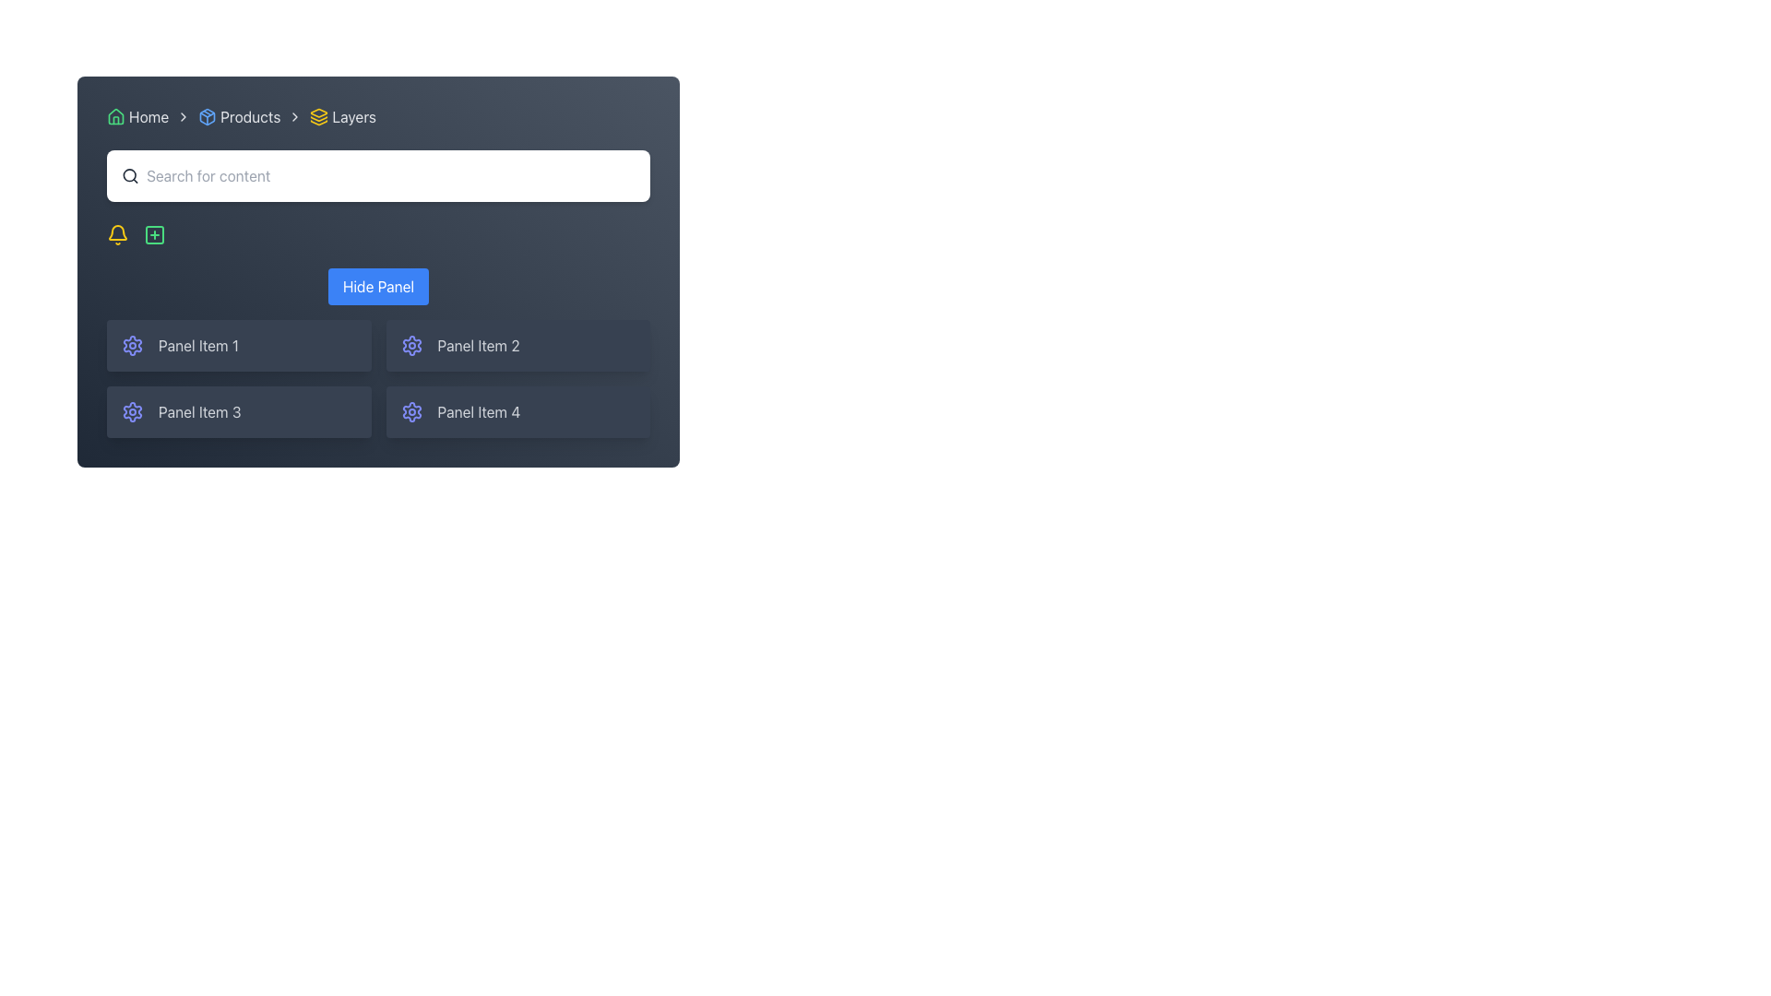  What do you see at coordinates (377, 117) in the screenshot?
I see `the Breadcrumb navigation located at the top-left of the dark blue area` at bounding box center [377, 117].